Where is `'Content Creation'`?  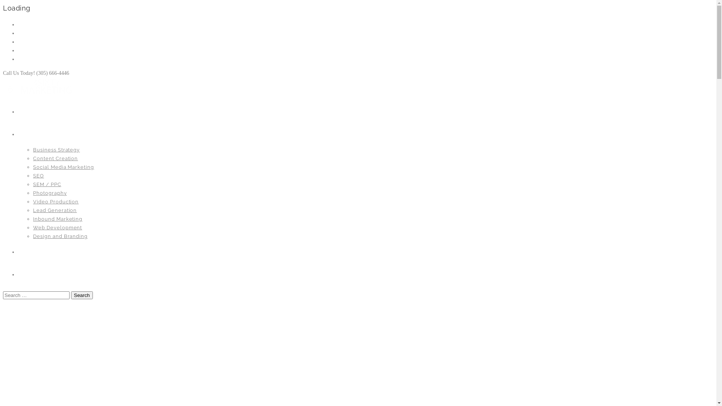
'Content Creation' is located at coordinates (55, 158).